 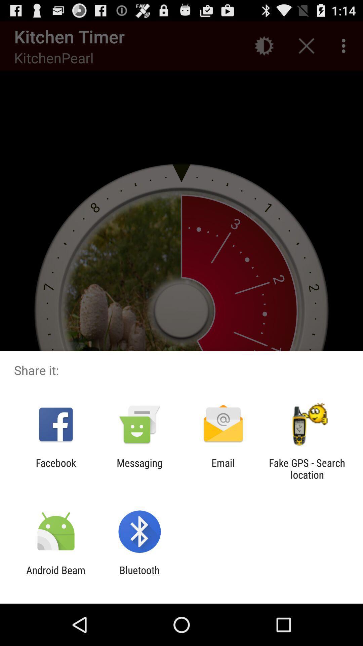 What do you see at coordinates (223, 468) in the screenshot?
I see `the item to the left of the fake gps search app` at bounding box center [223, 468].